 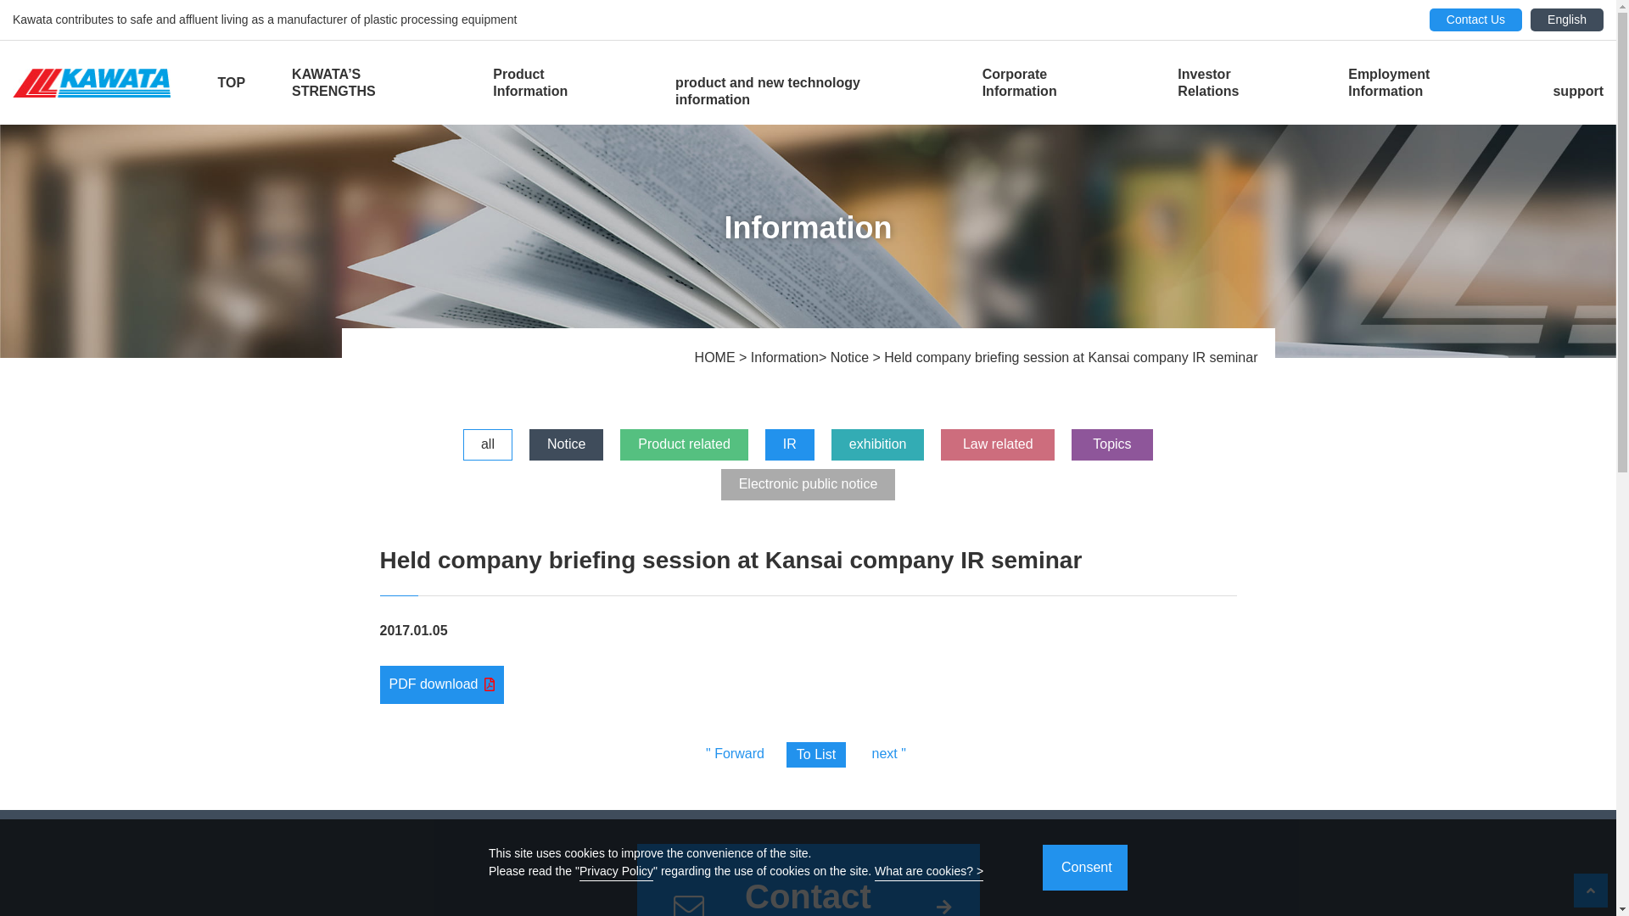 I want to click on 'next "', so click(x=887, y=752).